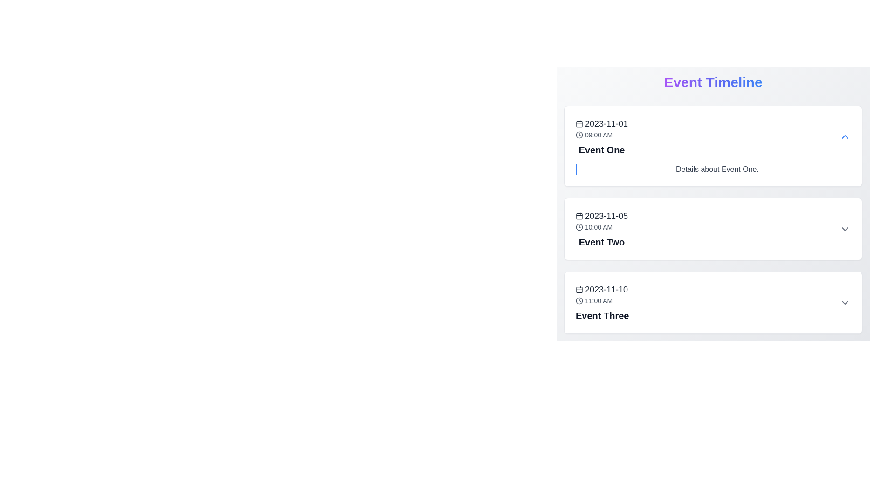 The width and height of the screenshot is (895, 503). What do you see at coordinates (602, 315) in the screenshot?
I see `text of the bold, primary text element that displays 'Event Three', which is located below the event date '2023-11-10' and time '11:00 AM'` at bounding box center [602, 315].